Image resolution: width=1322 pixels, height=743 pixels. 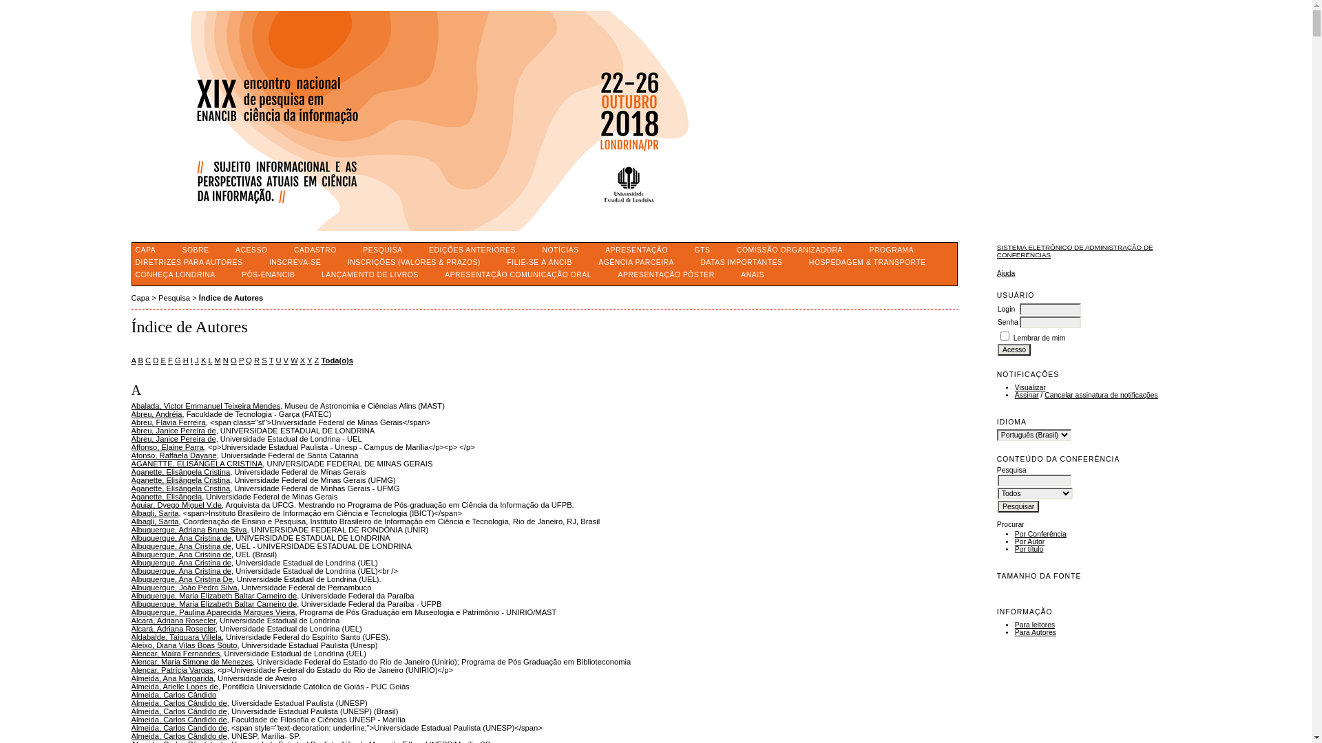 What do you see at coordinates (1018, 506) in the screenshot?
I see `'Pesquisar'` at bounding box center [1018, 506].